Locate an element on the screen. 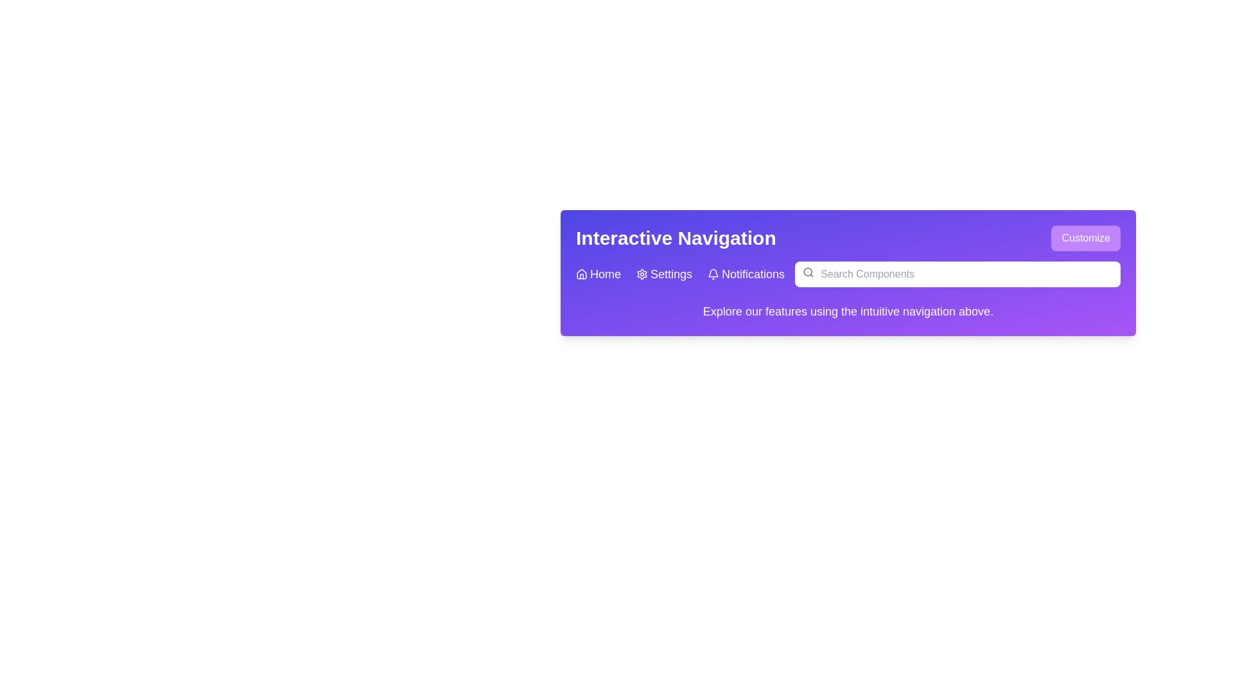 Image resolution: width=1233 pixels, height=694 pixels. the bell icon located in the 'Notifications' section of the navigation bar is located at coordinates (713, 274).